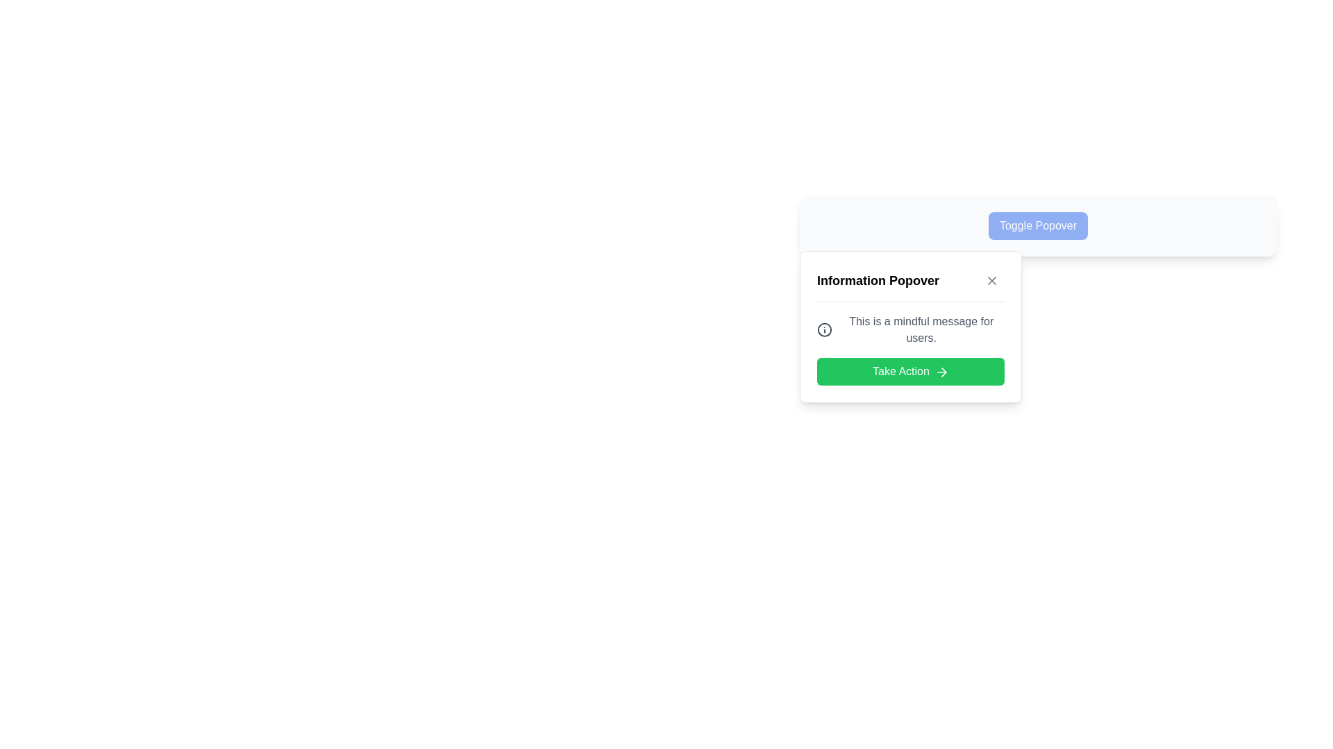  I want to click on the close button located at the top-right corner of the 'Information Popover' interface to dismiss it, so click(991, 281).